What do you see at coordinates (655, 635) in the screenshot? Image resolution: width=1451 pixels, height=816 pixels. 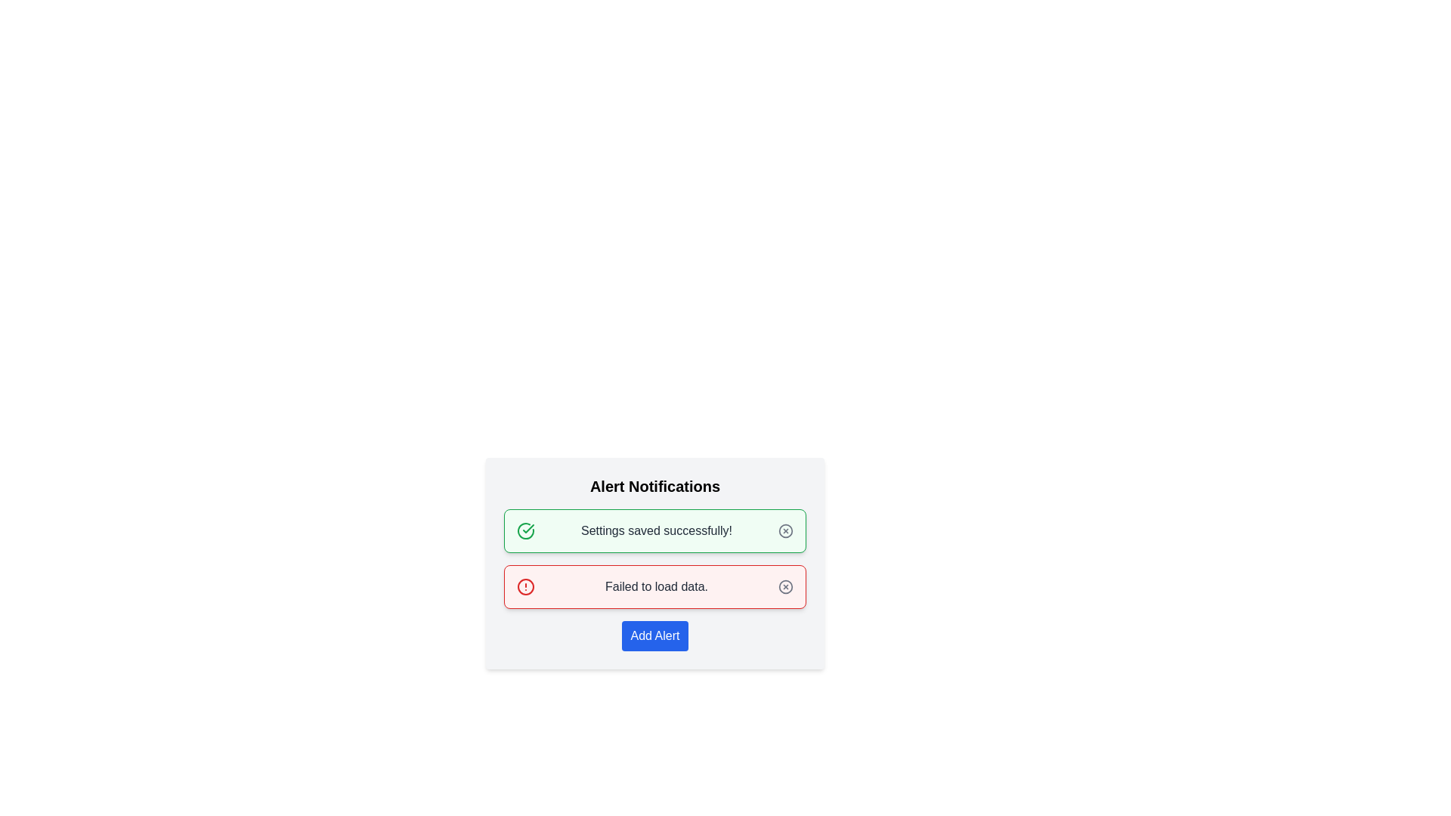 I see `the 'Add Alert' button, which is a rectangular button with a bright blue background and white text, located below the alert messages in the 'Alert Notifications' panel` at bounding box center [655, 635].